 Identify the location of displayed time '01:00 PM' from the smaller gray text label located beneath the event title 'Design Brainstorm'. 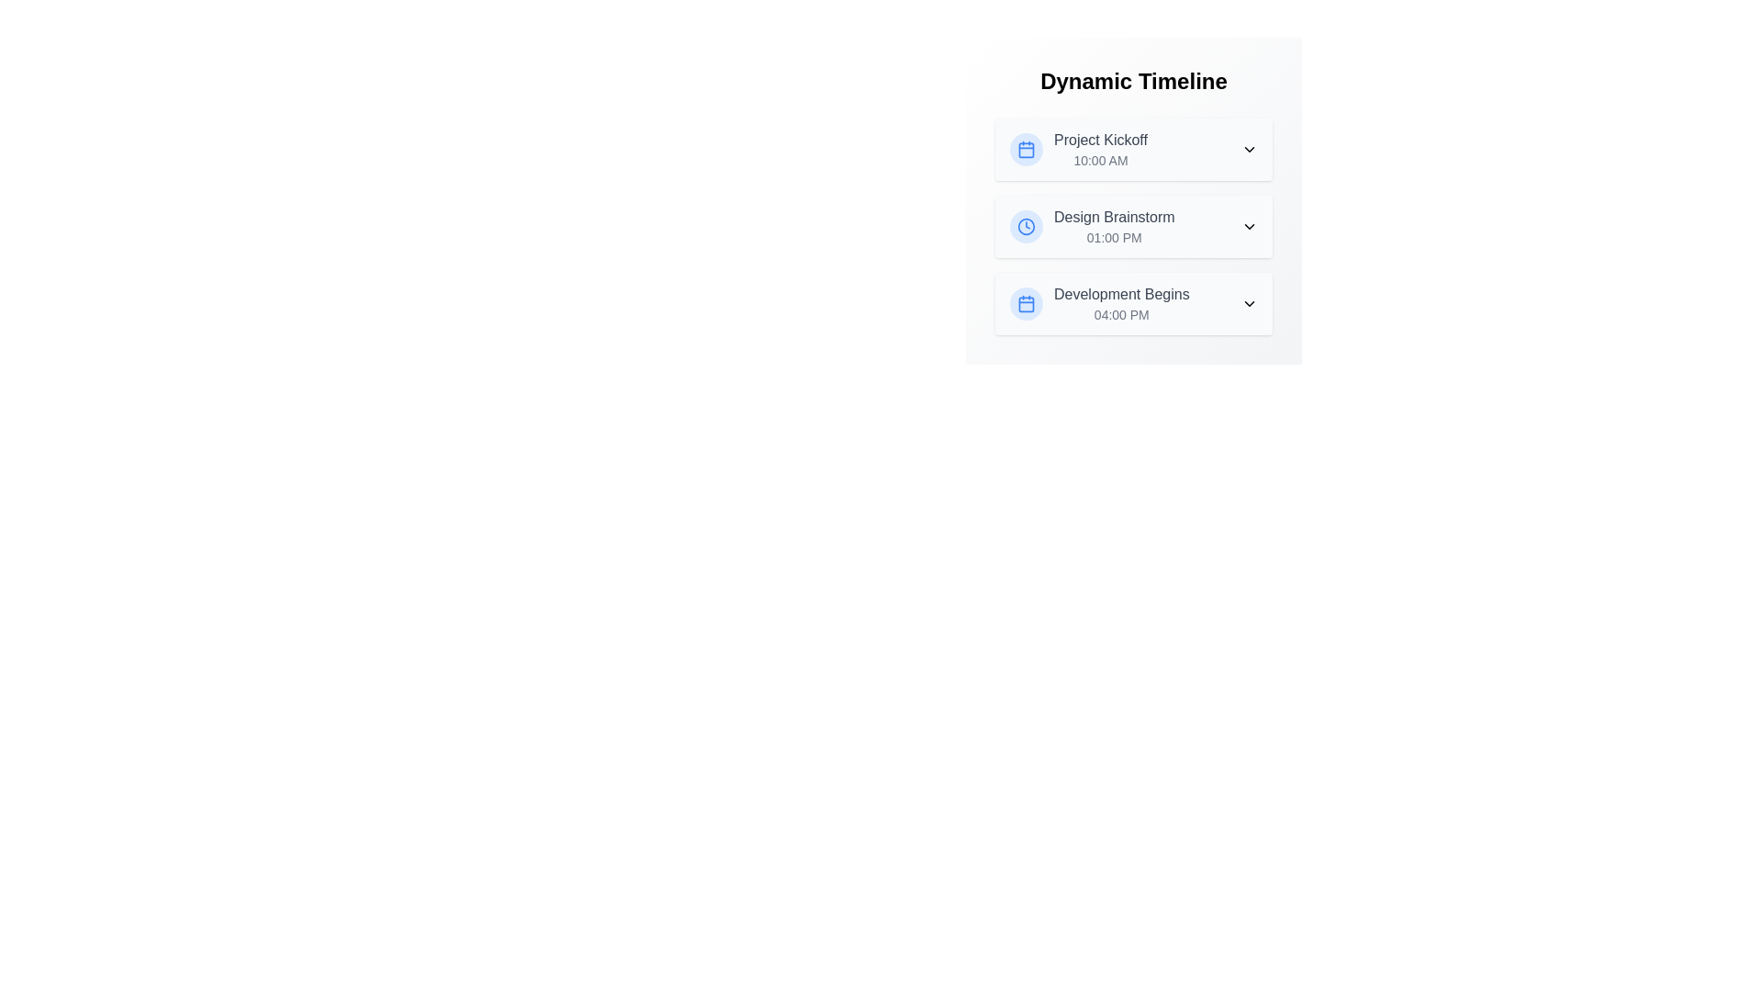
(1113, 236).